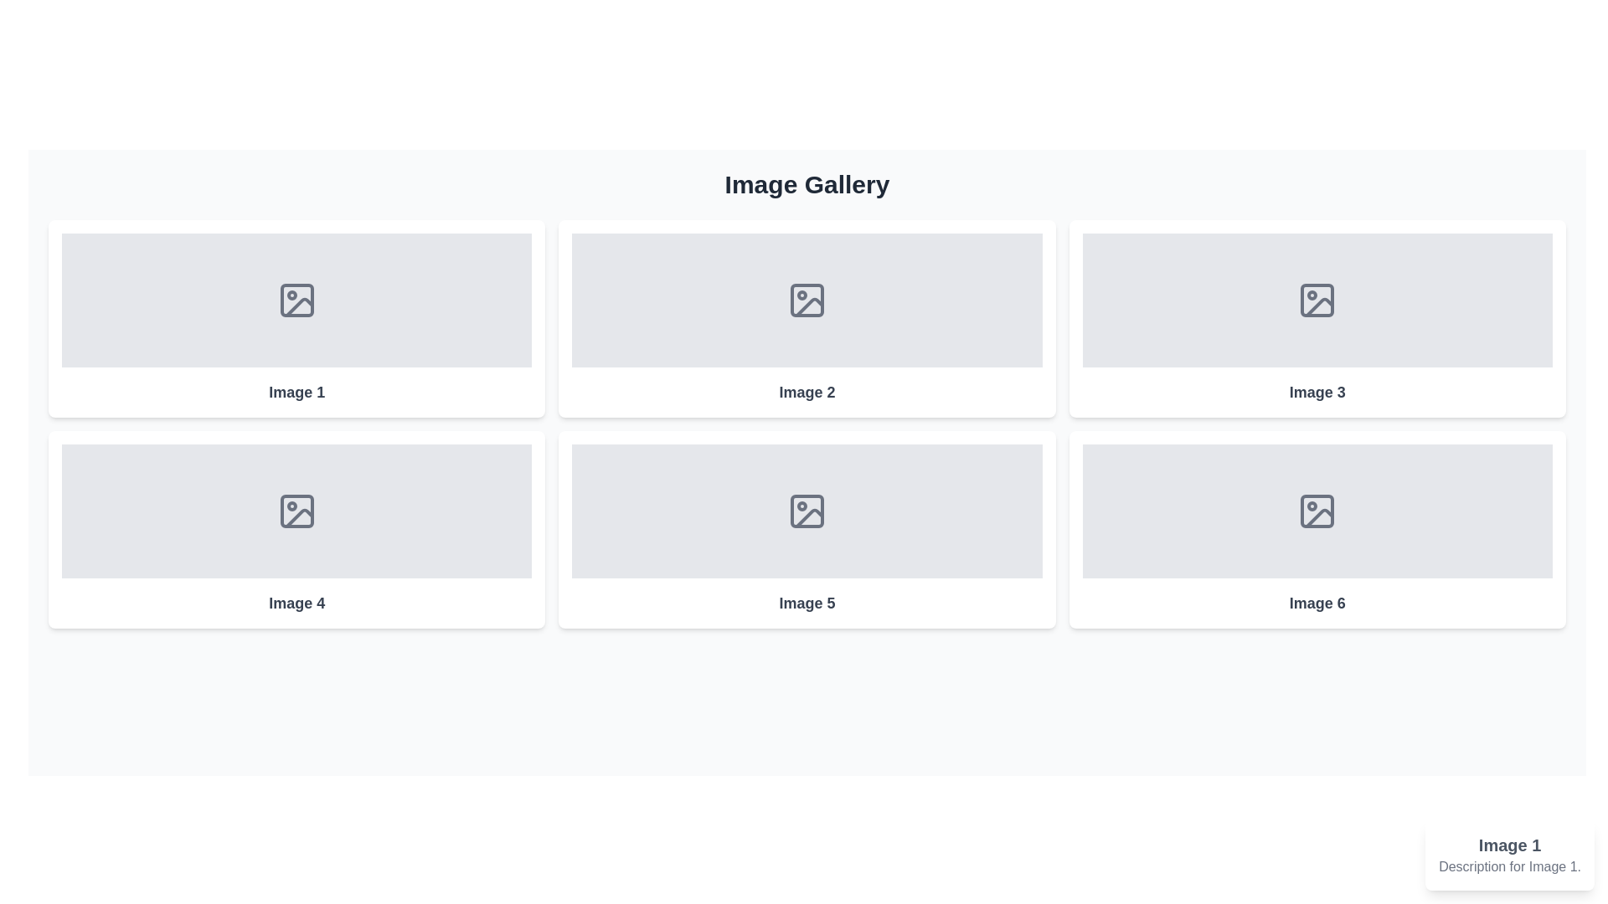  What do you see at coordinates (299, 307) in the screenshot?
I see `the diagonal line segment within the gray square outline of the 'Image 1' icon in the top-left image placeholder` at bounding box center [299, 307].